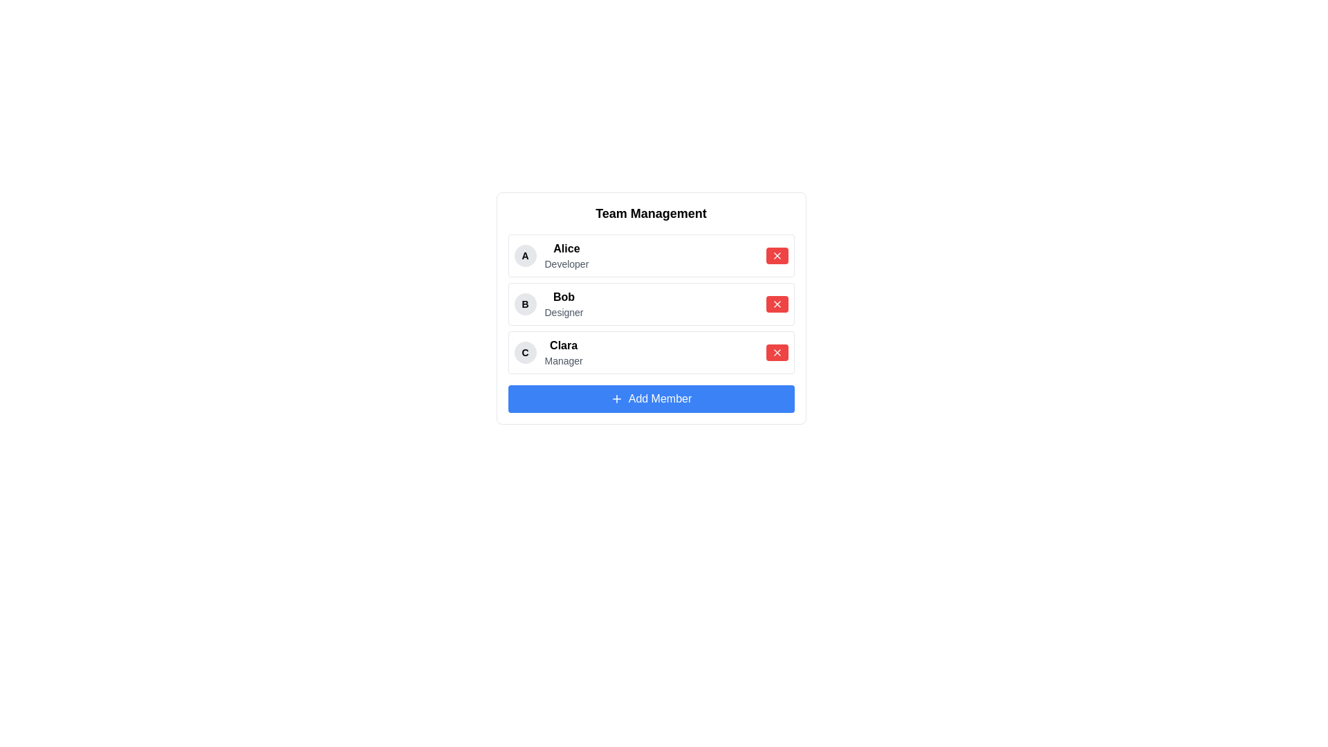  What do you see at coordinates (650, 399) in the screenshot?
I see `the 'Add Member' button with a blue background and white text at the bottom of the team management interface` at bounding box center [650, 399].